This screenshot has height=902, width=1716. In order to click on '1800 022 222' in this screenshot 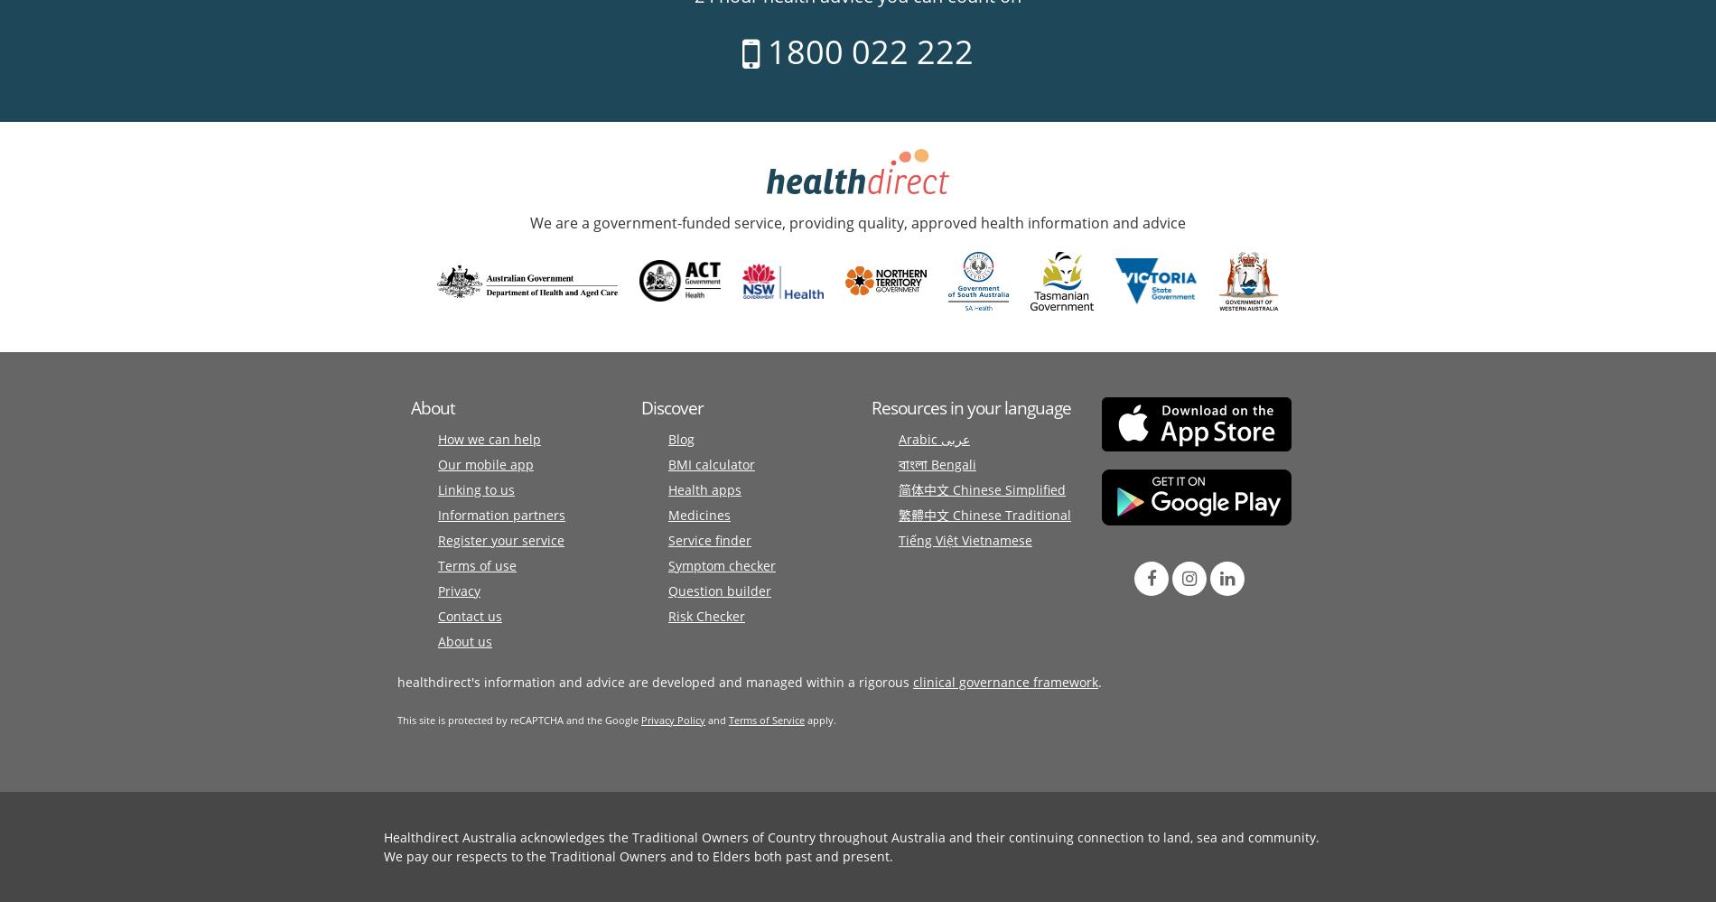, I will do `click(758, 51)`.